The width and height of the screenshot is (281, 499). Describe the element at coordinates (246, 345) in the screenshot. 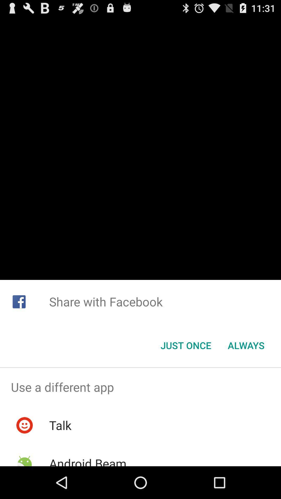

I see `always button` at that location.